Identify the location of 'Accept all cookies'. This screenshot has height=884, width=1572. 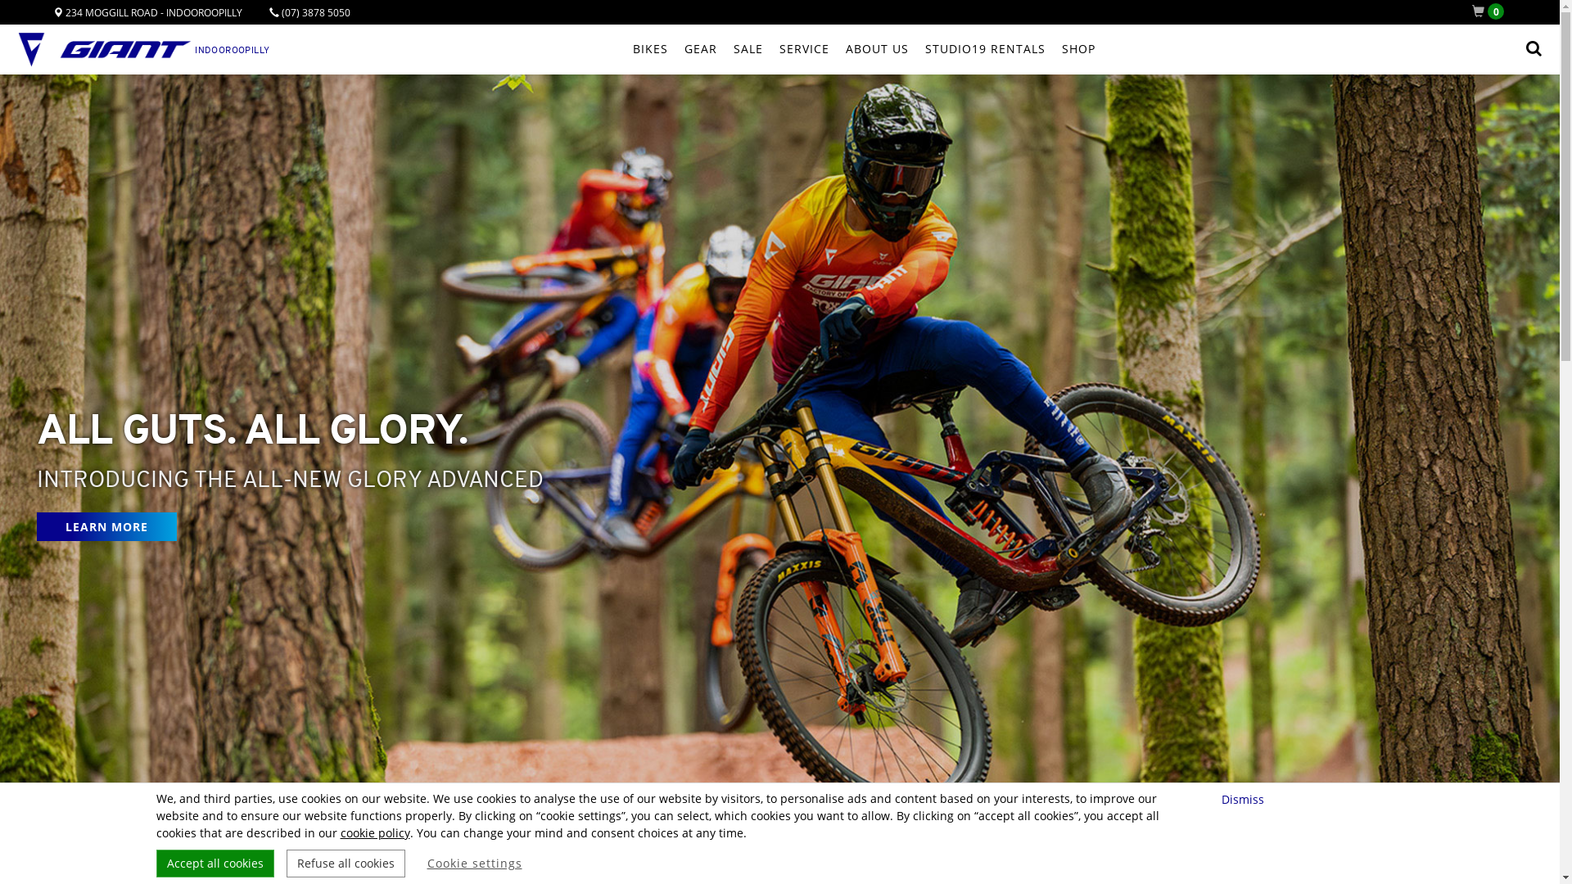
(214, 863).